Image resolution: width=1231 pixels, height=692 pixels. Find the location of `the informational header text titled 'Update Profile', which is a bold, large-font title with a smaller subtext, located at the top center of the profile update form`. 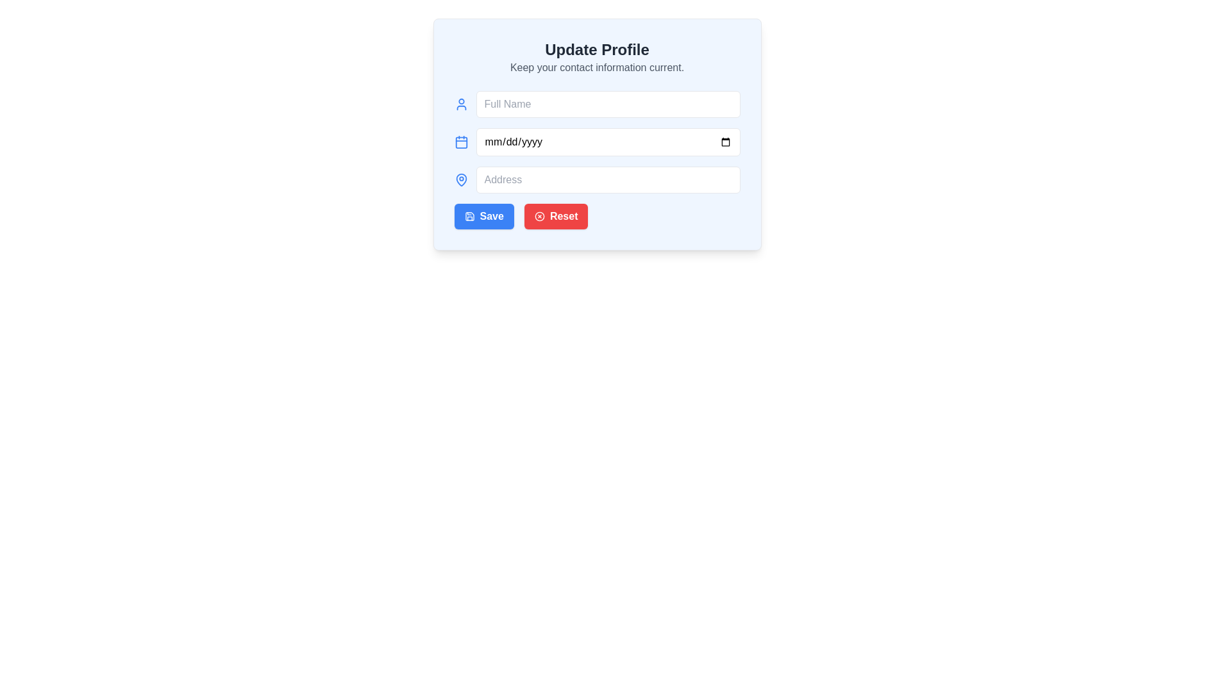

the informational header text titled 'Update Profile', which is a bold, large-font title with a smaller subtext, located at the top center of the profile update form is located at coordinates (596, 56).